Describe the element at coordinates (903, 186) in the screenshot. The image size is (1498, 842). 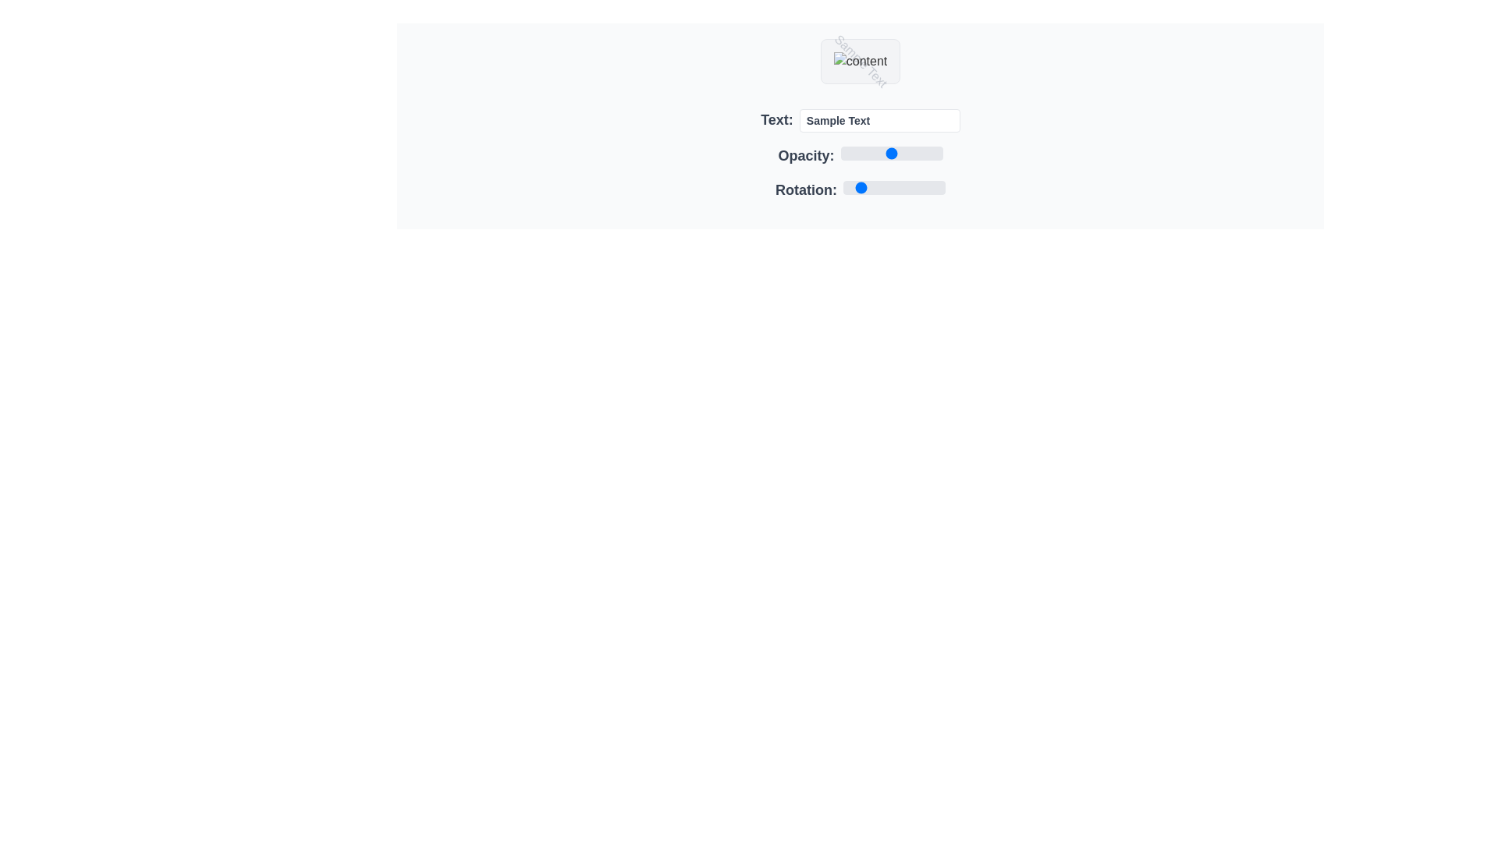
I see `the rotation slider` at that location.